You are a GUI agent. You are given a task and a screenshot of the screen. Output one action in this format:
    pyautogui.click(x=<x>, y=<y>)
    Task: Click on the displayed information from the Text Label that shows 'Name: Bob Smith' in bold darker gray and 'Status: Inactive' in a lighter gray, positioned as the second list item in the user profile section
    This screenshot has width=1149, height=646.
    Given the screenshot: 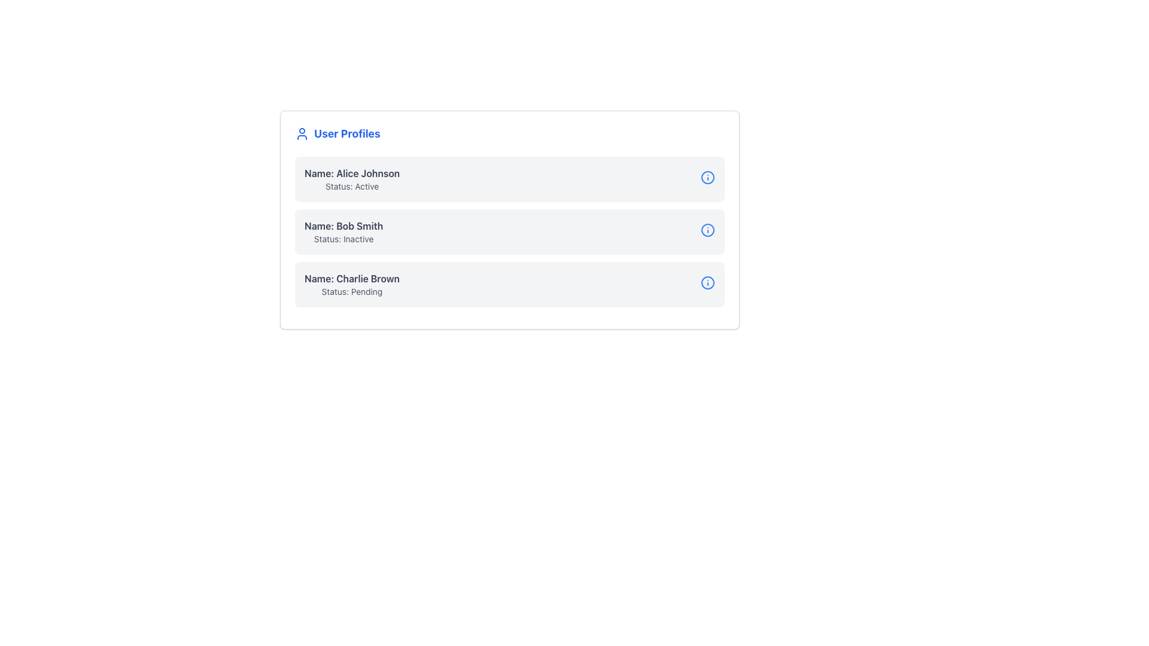 What is the action you would take?
    pyautogui.click(x=343, y=232)
    